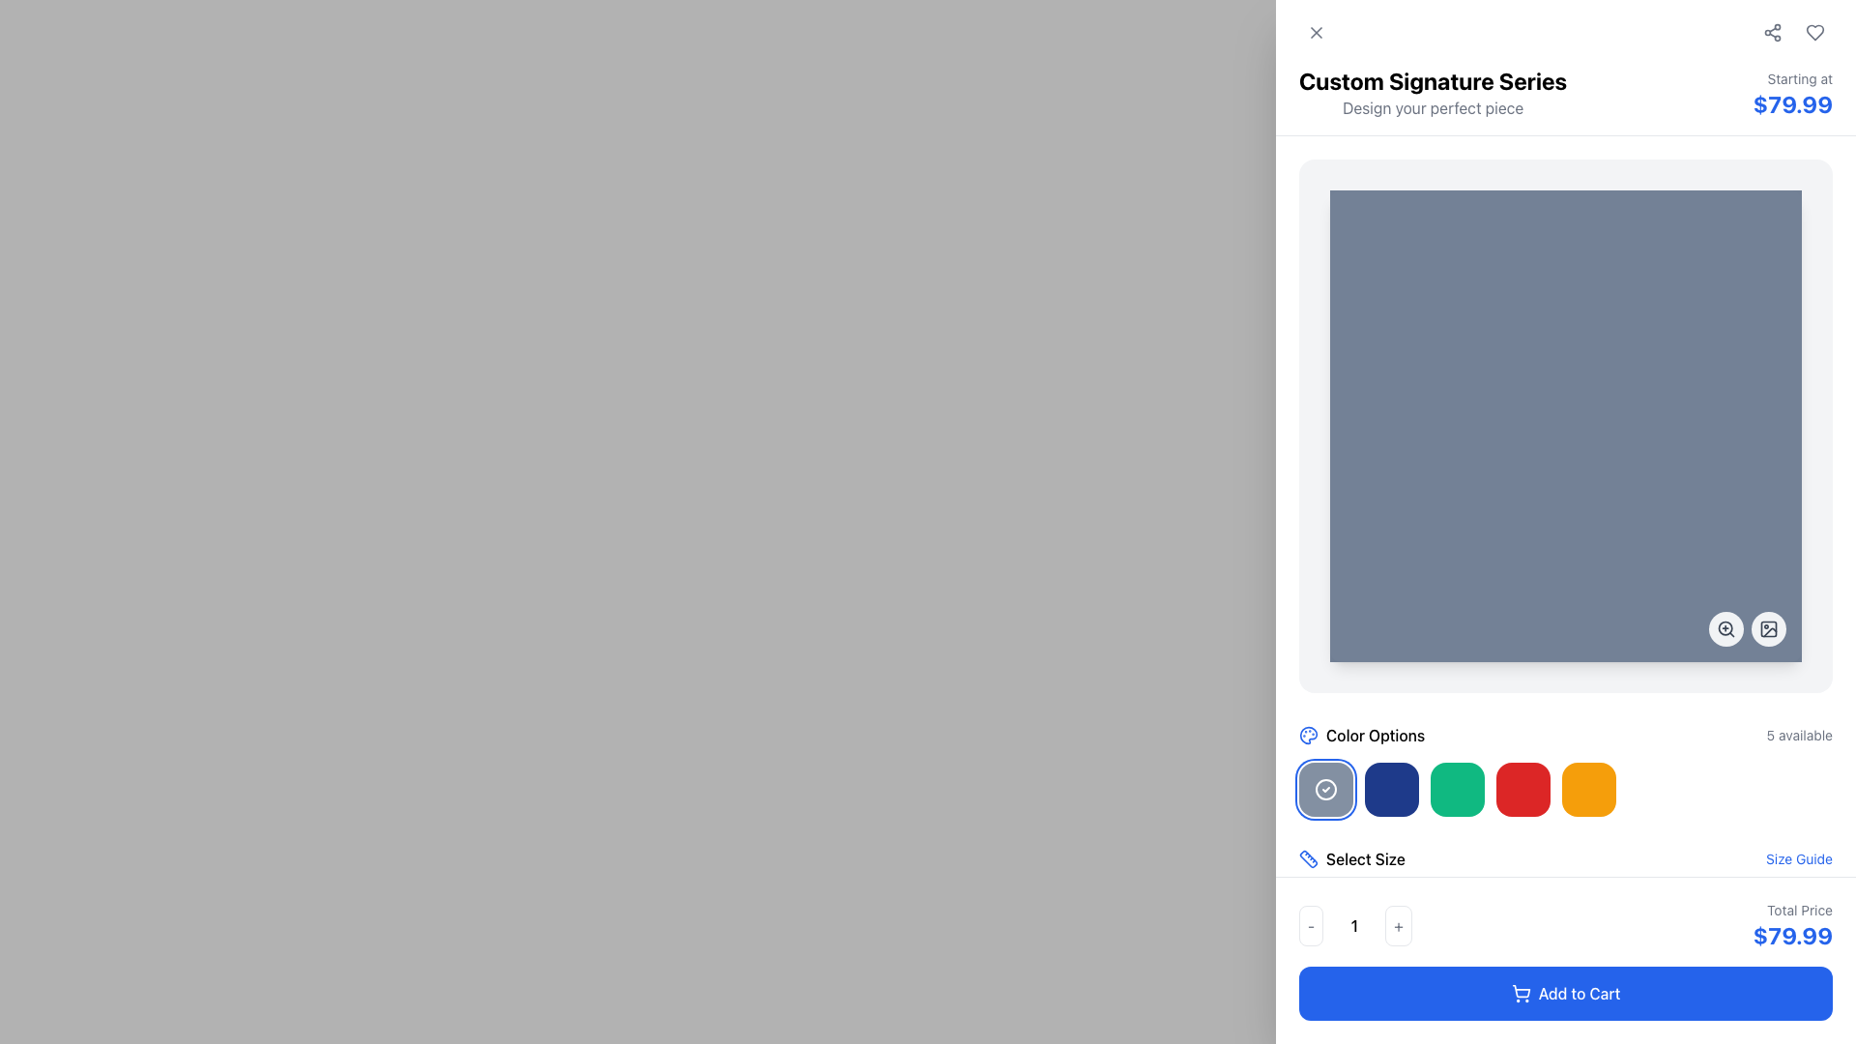 This screenshot has width=1856, height=1044. What do you see at coordinates (1768, 629) in the screenshot?
I see `the rounded rectangle in the bottom right corner of the preview display section` at bounding box center [1768, 629].